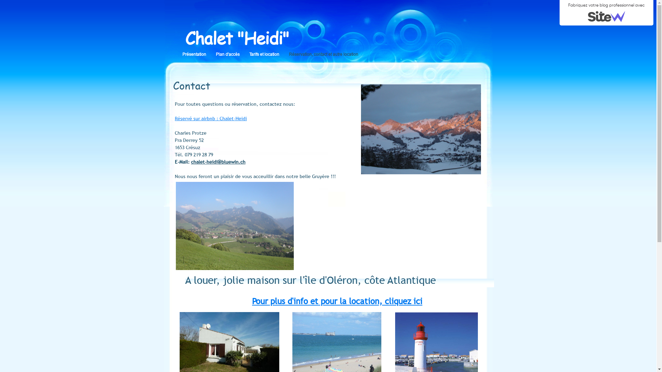 The image size is (662, 372). I want to click on 'Pour plus d'info et pour la location, cliquez ici', so click(337, 301).